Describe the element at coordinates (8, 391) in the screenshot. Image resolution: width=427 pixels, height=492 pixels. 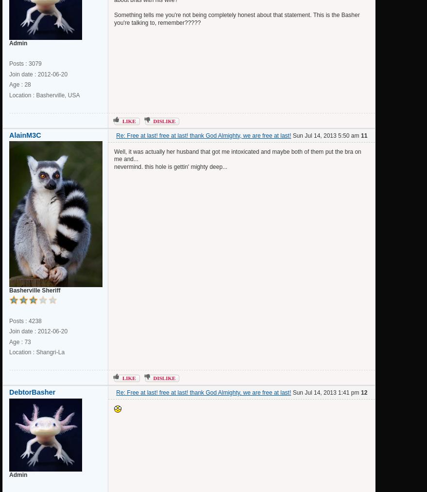
I see `'DebtorBasher'` at that location.